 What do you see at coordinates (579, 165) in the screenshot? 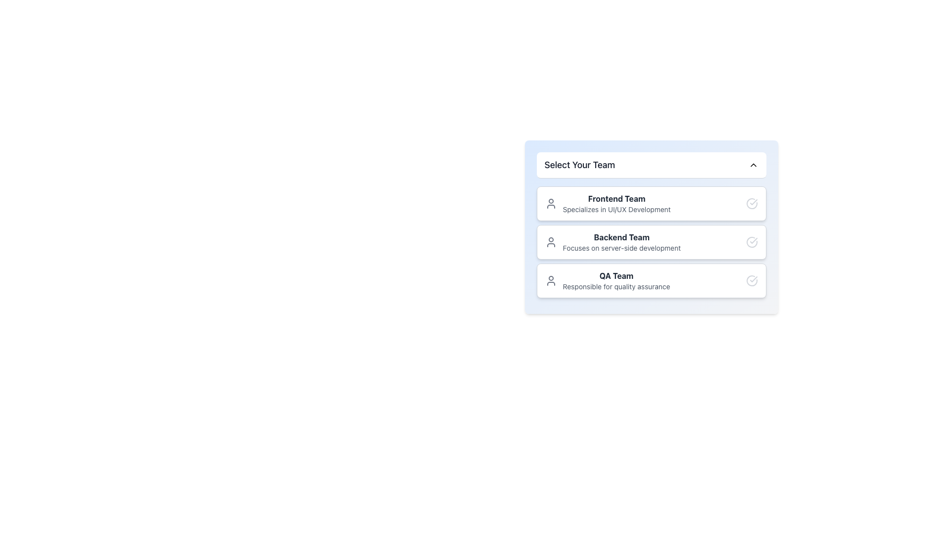
I see `text content of the primary label that serves as the title for the dropdown section, located at the top of the dropdown component` at bounding box center [579, 165].